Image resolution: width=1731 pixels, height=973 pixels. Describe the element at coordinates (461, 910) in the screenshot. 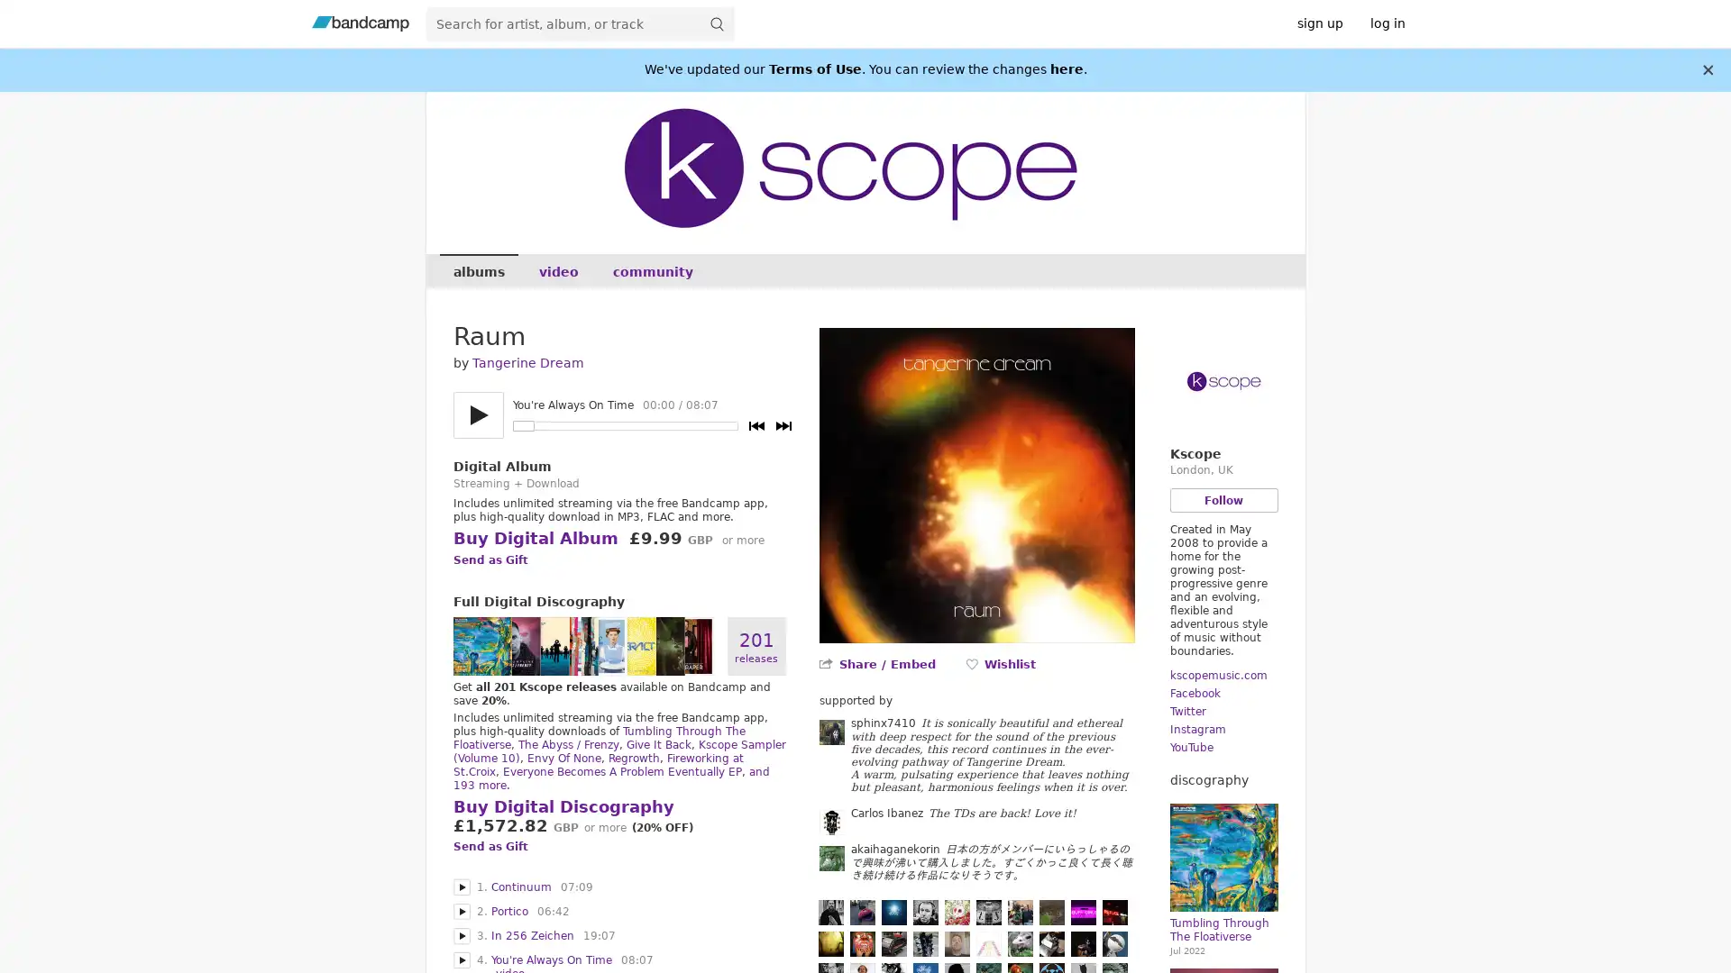

I see `Play Portico` at that location.